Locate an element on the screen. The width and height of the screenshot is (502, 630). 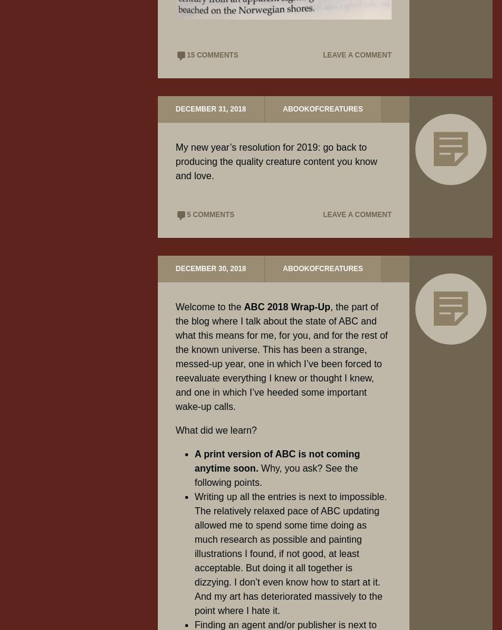
'A print version of ABC is not coming anytime soon.' is located at coordinates (276, 461).